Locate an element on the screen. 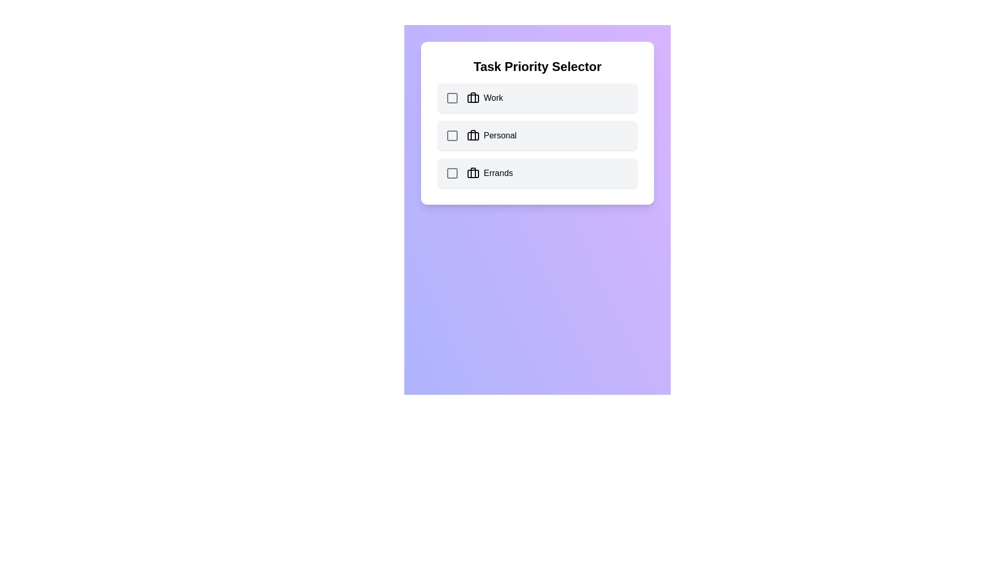 This screenshot has width=1003, height=564. the category Errands is located at coordinates (537, 172).